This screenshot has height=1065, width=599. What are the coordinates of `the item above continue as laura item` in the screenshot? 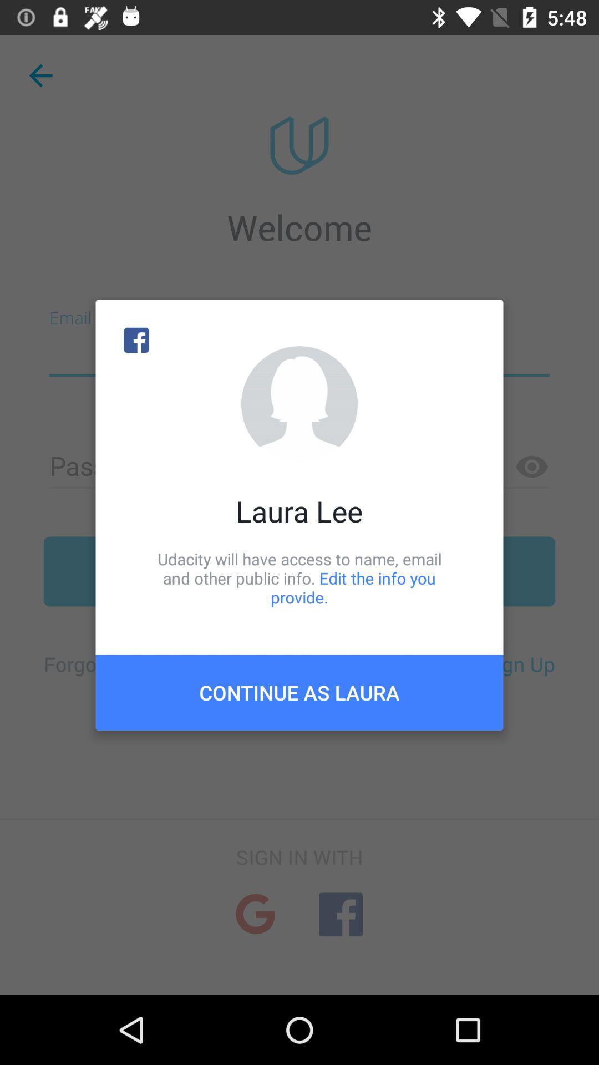 It's located at (299, 577).